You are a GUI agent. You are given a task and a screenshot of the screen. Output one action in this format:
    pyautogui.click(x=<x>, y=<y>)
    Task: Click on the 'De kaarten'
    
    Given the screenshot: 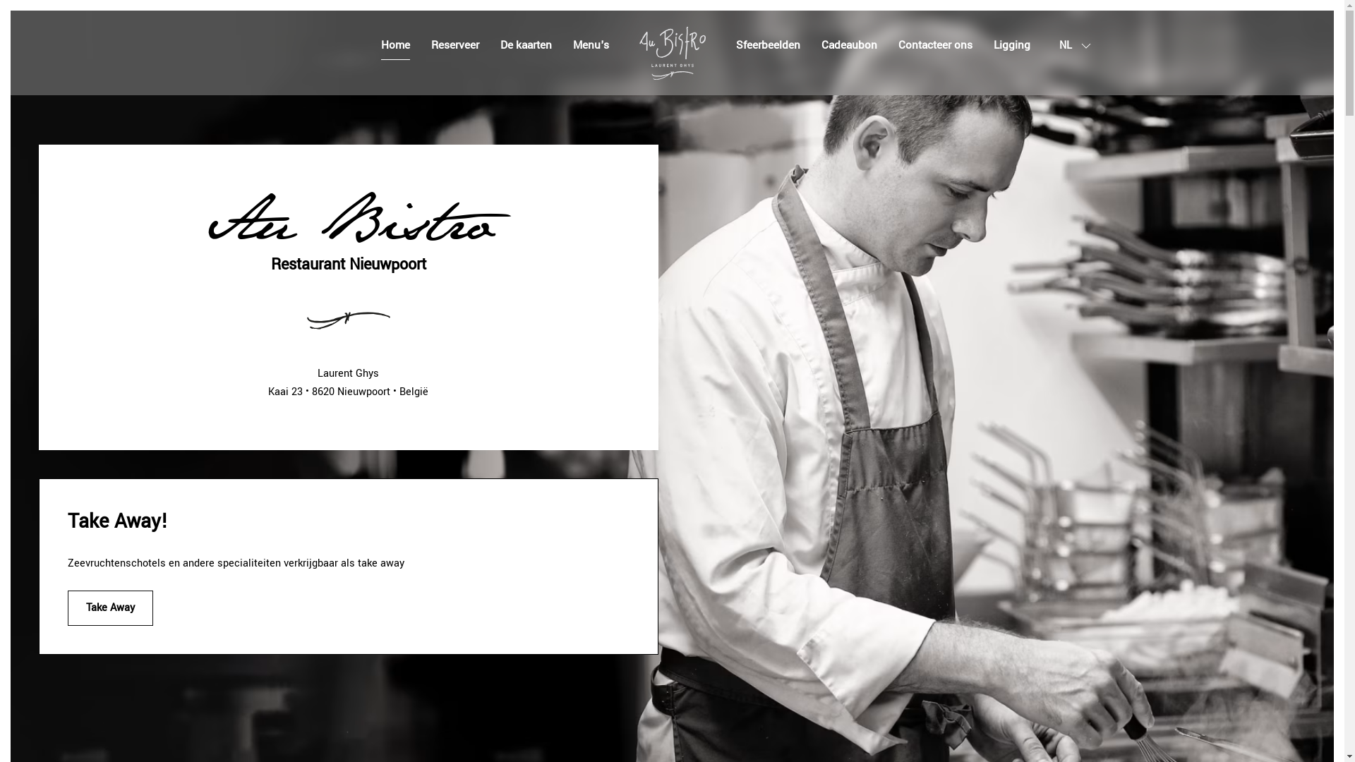 What is the action you would take?
    pyautogui.click(x=524, y=45)
    